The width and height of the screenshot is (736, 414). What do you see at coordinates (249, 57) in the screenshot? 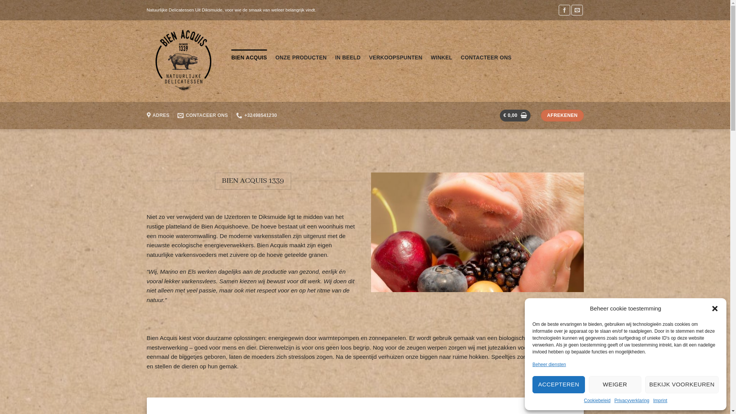
I see `'BIEN ACQUIS'` at bounding box center [249, 57].